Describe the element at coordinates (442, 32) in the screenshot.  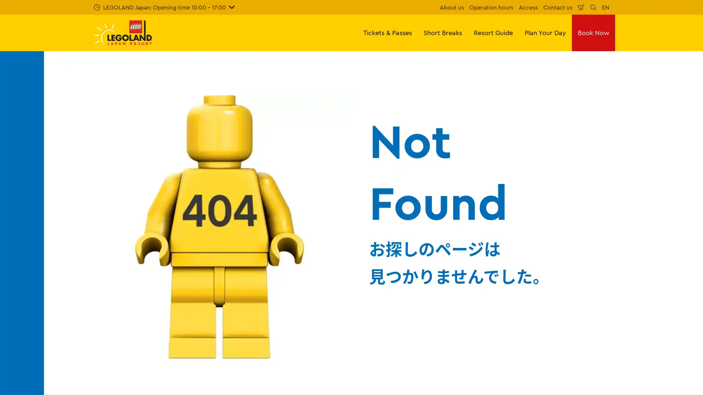
I see `Short Breaks` at that location.